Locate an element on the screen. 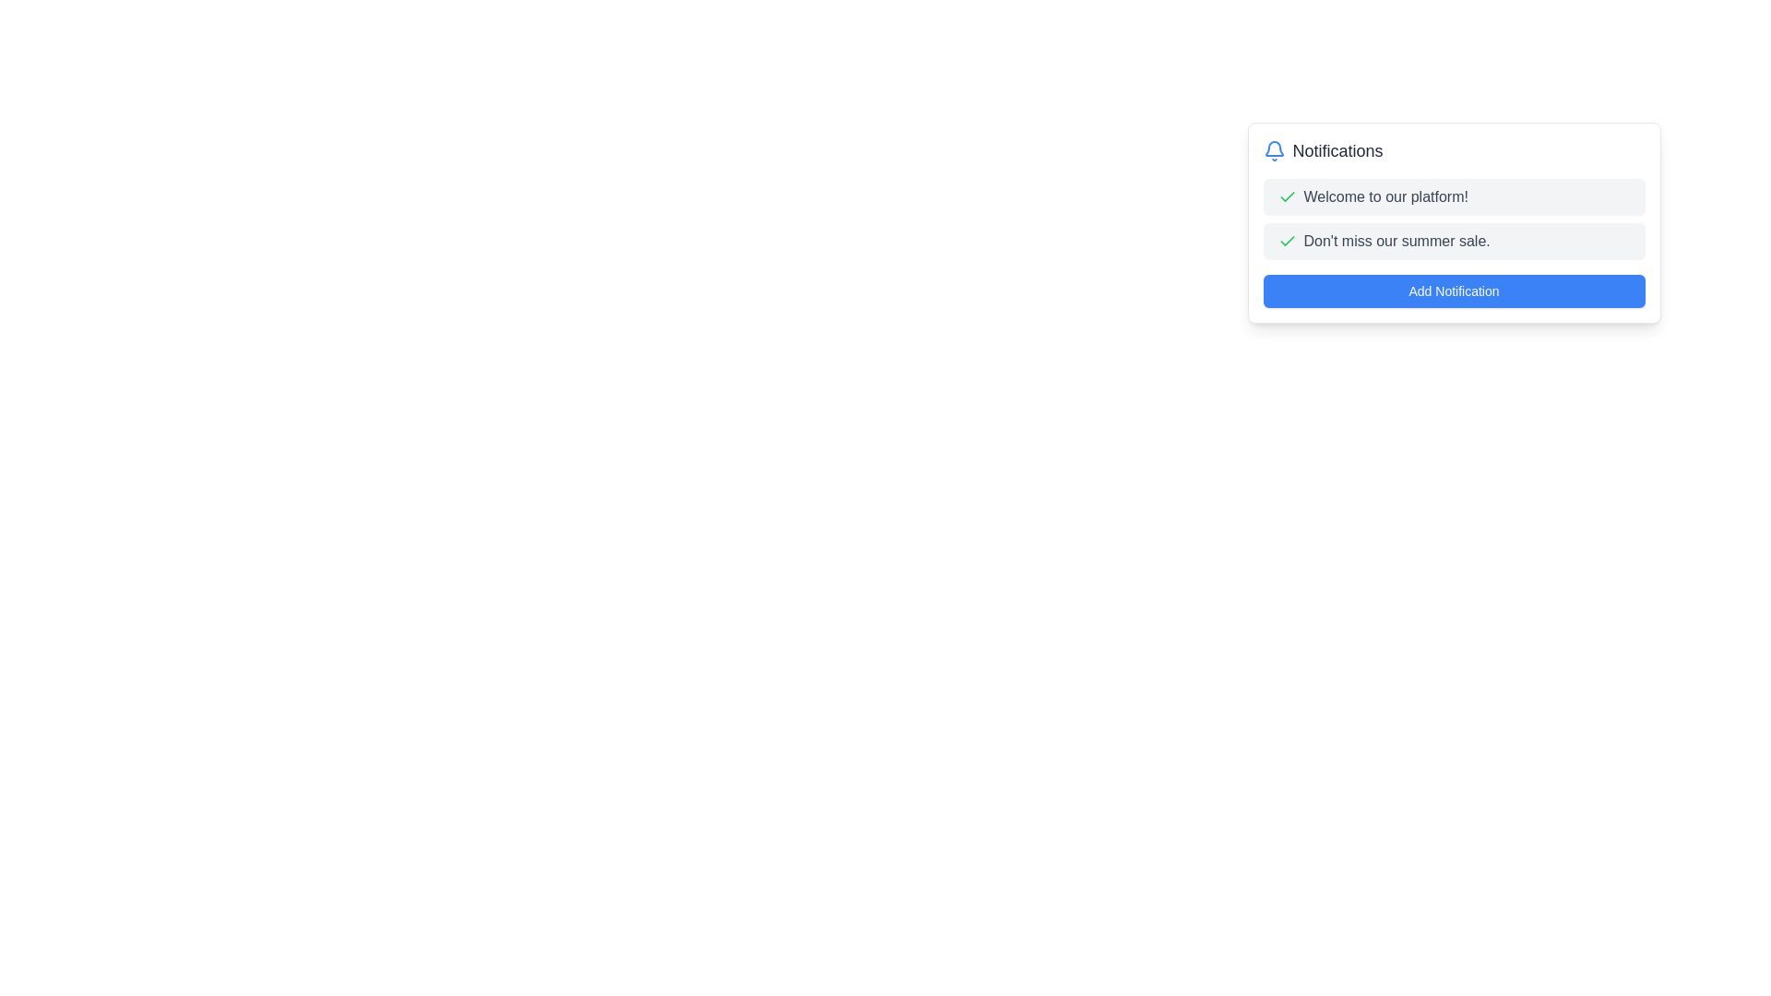  the first notification item in the notification panel that welcomes the user to the platform is located at coordinates (1453, 196).